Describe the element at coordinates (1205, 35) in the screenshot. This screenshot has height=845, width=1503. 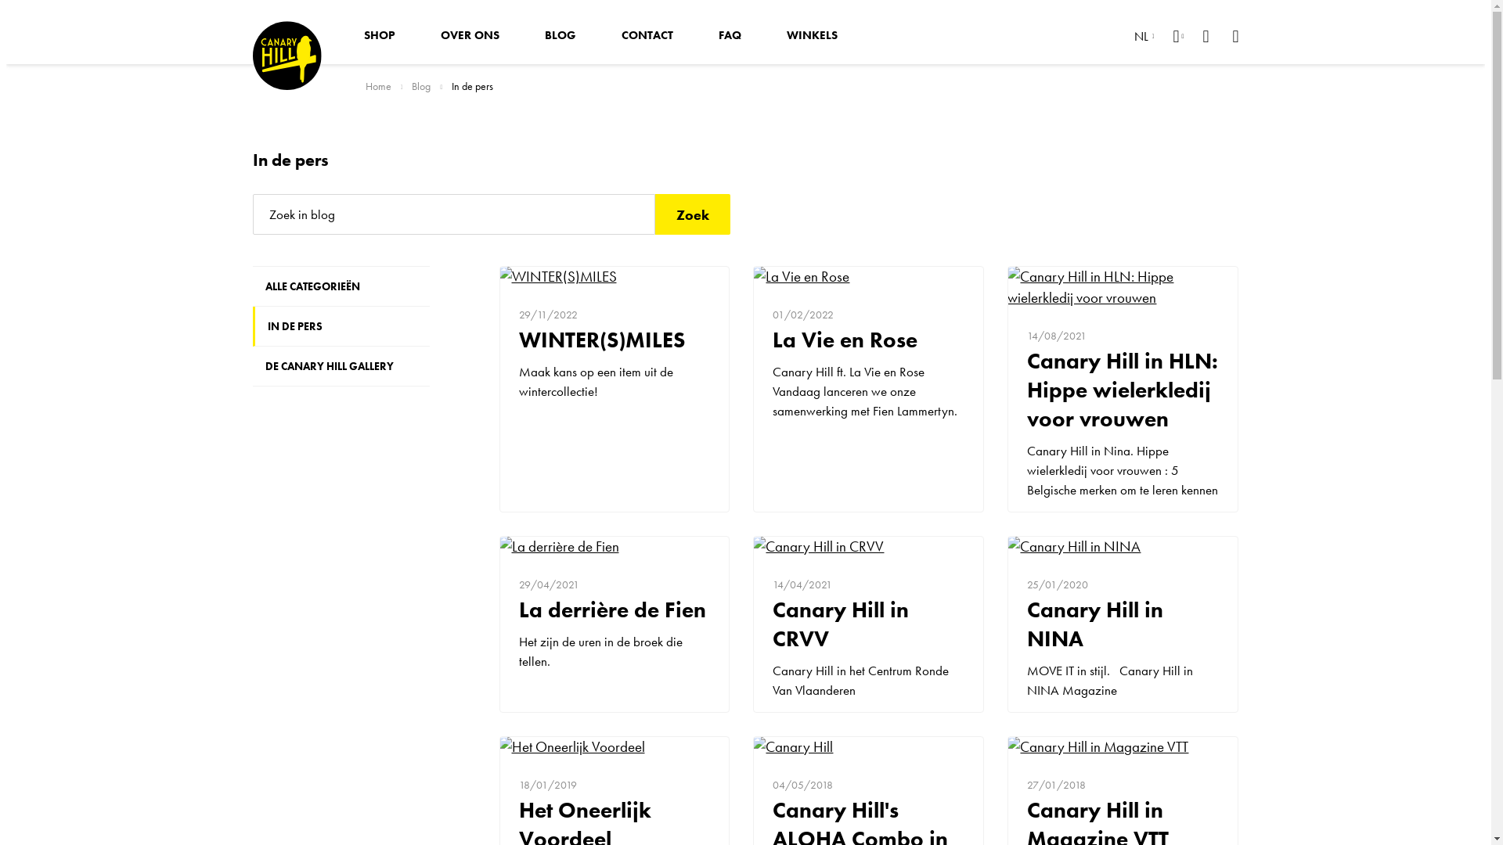
I see `'Verlanglijst'` at that location.